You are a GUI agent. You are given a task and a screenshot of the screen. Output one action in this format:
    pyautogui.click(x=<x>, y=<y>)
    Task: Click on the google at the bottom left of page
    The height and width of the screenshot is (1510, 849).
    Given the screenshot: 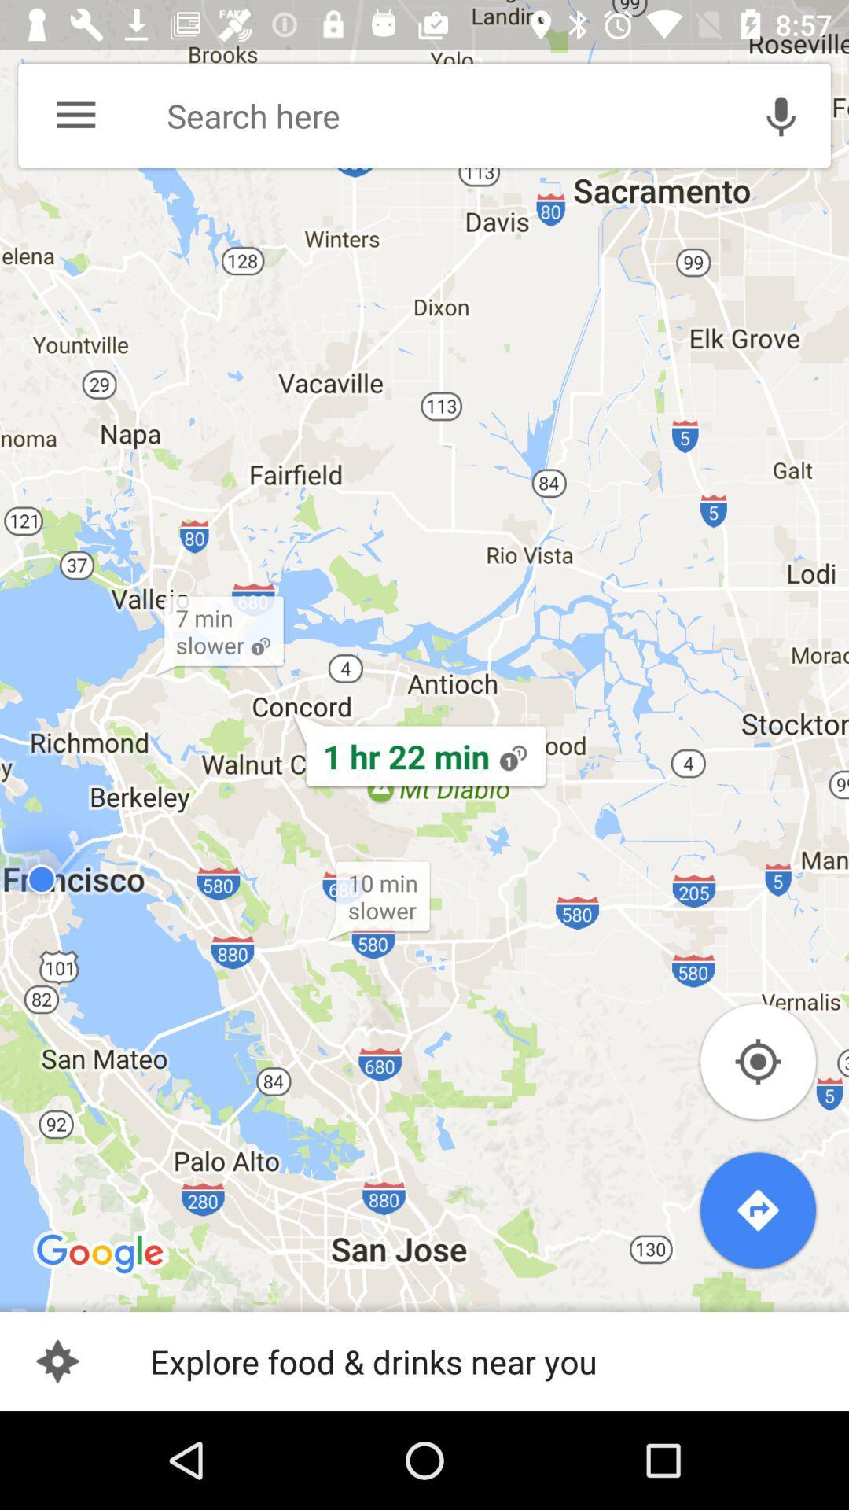 What is the action you would take?
    pyautogui.click(x=101, y=1254)
    